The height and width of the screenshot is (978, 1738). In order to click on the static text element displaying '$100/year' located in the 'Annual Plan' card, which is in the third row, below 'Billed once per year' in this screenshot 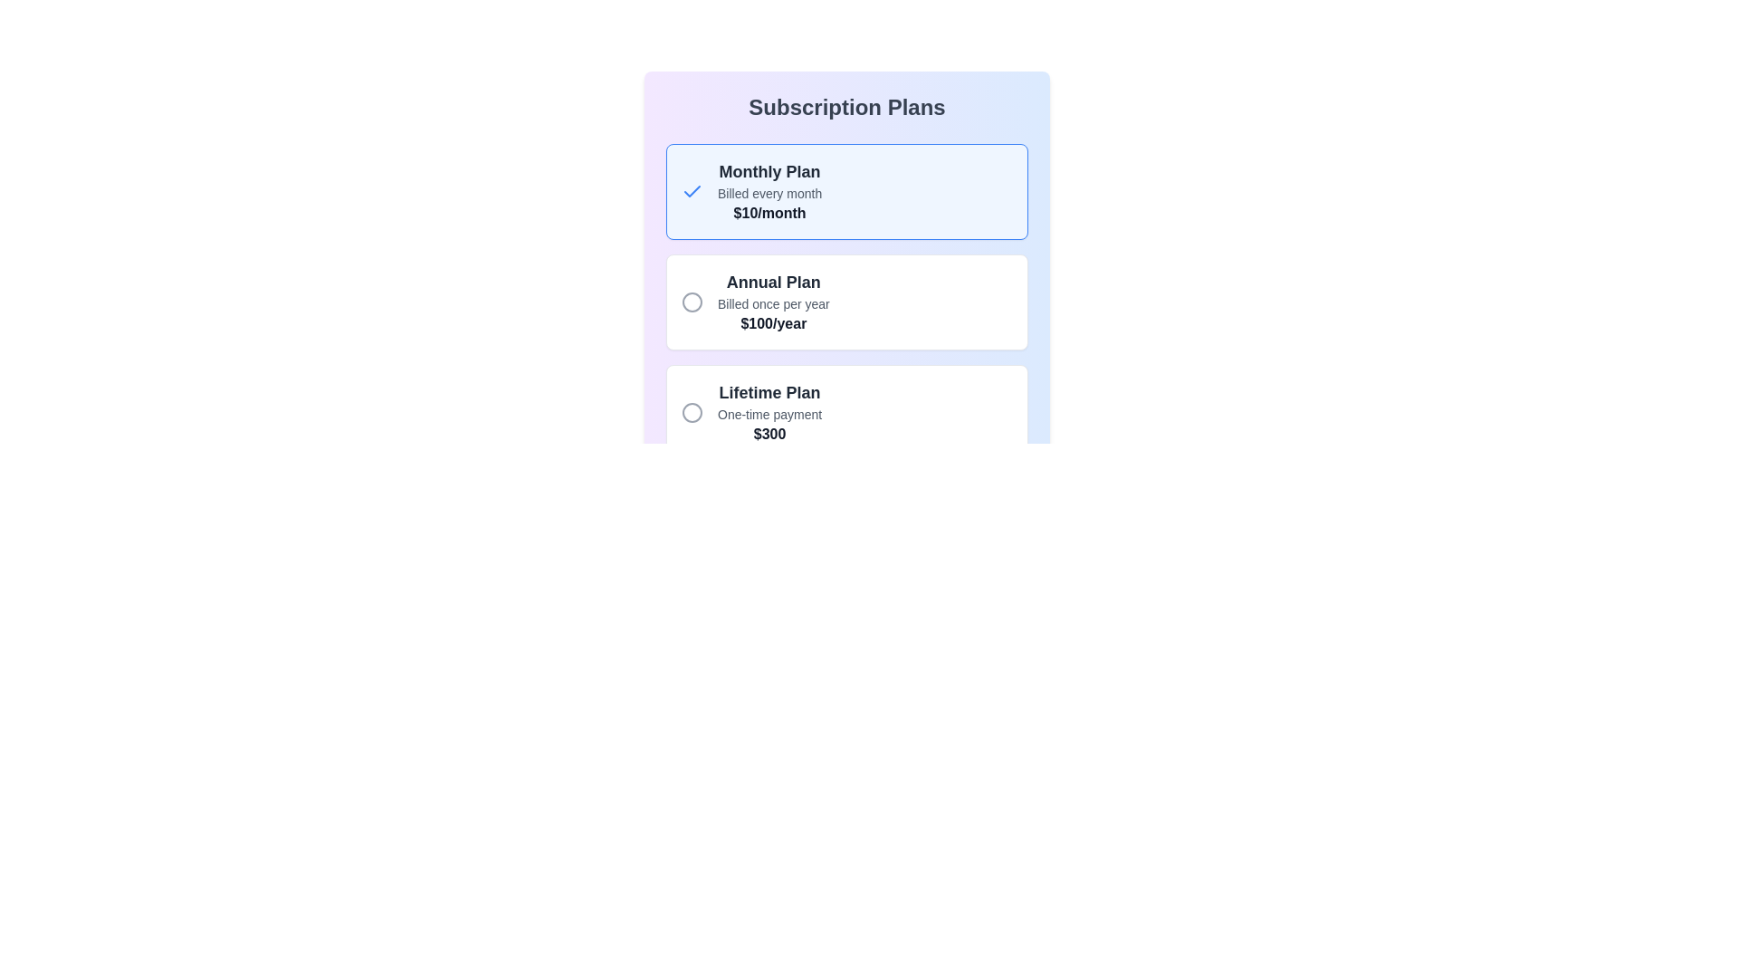, I will do `click(773, 323)`.